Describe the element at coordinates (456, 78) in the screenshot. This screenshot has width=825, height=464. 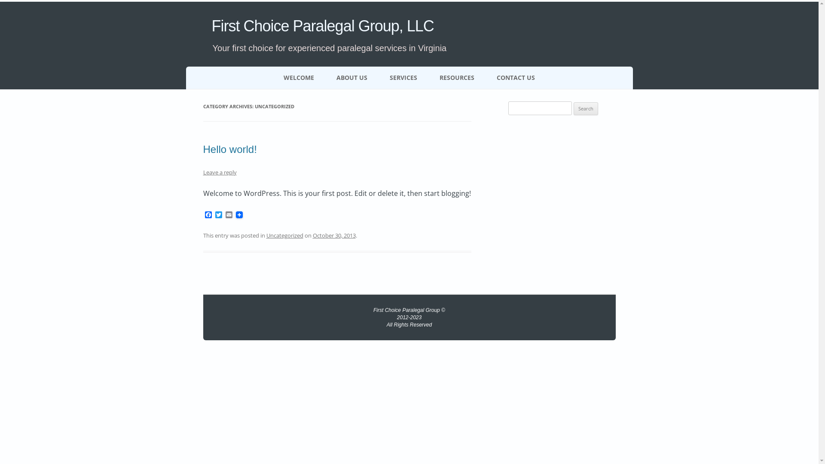
I see `'RESOURCES'` at that location.